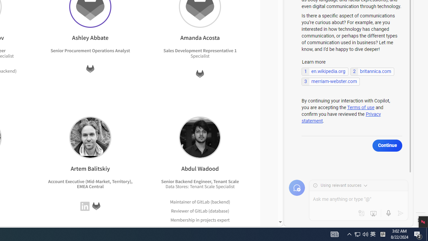 The height and width of the screenshot is (241, 428). I want to click on 'Membership in projects expert', so click(200, 220).